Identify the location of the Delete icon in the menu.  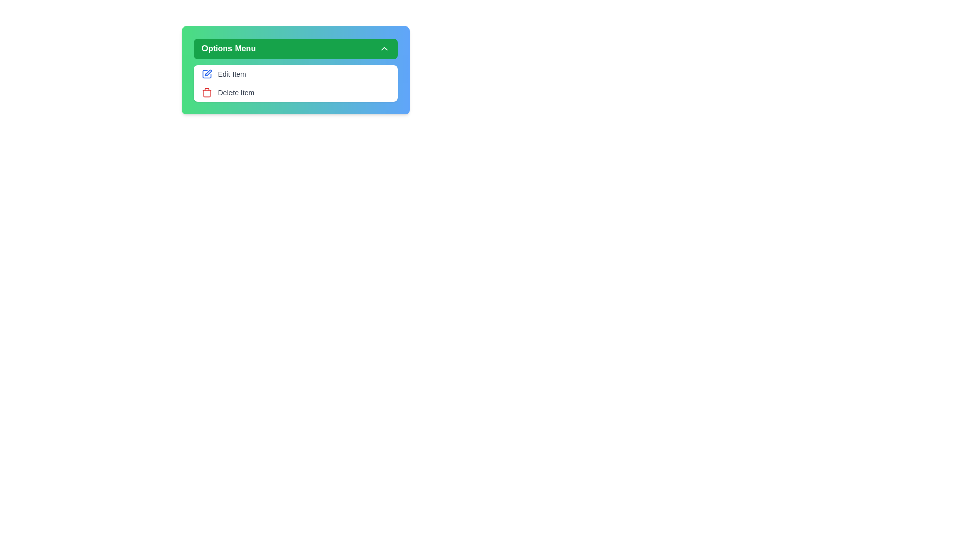
(206, 92).